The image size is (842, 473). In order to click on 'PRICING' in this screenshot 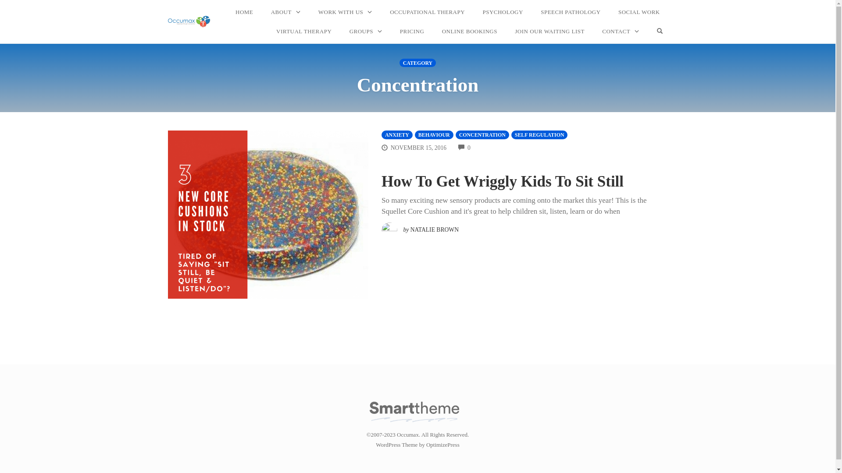, I will do `click(412, 31)`.